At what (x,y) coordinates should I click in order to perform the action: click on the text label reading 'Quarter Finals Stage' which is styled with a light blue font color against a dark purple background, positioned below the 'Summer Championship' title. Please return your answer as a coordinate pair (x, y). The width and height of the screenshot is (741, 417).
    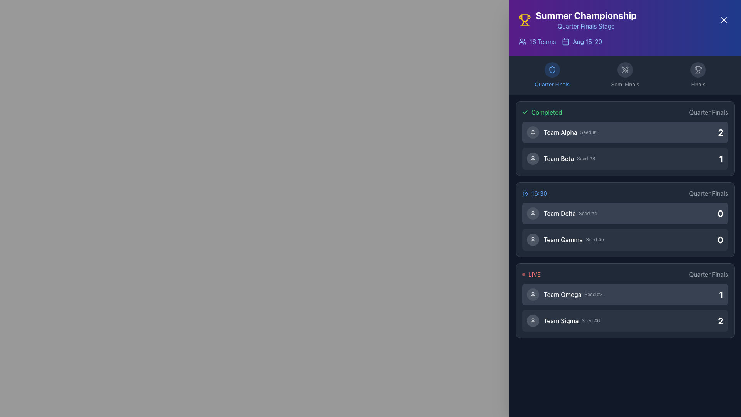
    Looking at the image, I should click on (586, 26).